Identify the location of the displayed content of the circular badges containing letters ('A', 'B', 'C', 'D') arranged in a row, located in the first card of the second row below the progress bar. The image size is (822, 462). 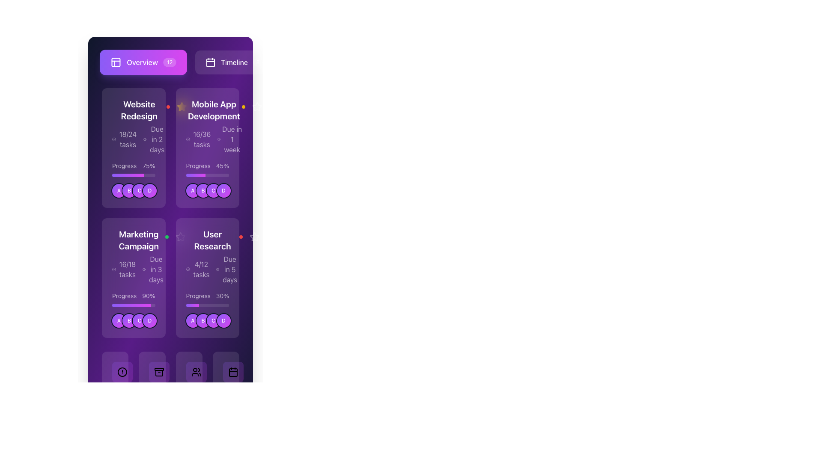
(134, 190).